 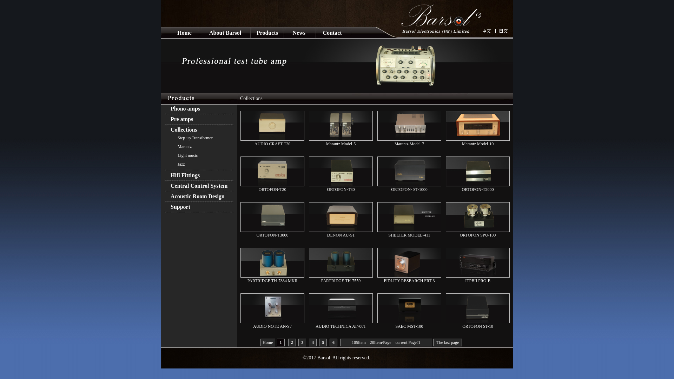 What do you see at coordinates (171, 33) in the screenshot?
I see `'Home'` at bounding box center [171, 33].